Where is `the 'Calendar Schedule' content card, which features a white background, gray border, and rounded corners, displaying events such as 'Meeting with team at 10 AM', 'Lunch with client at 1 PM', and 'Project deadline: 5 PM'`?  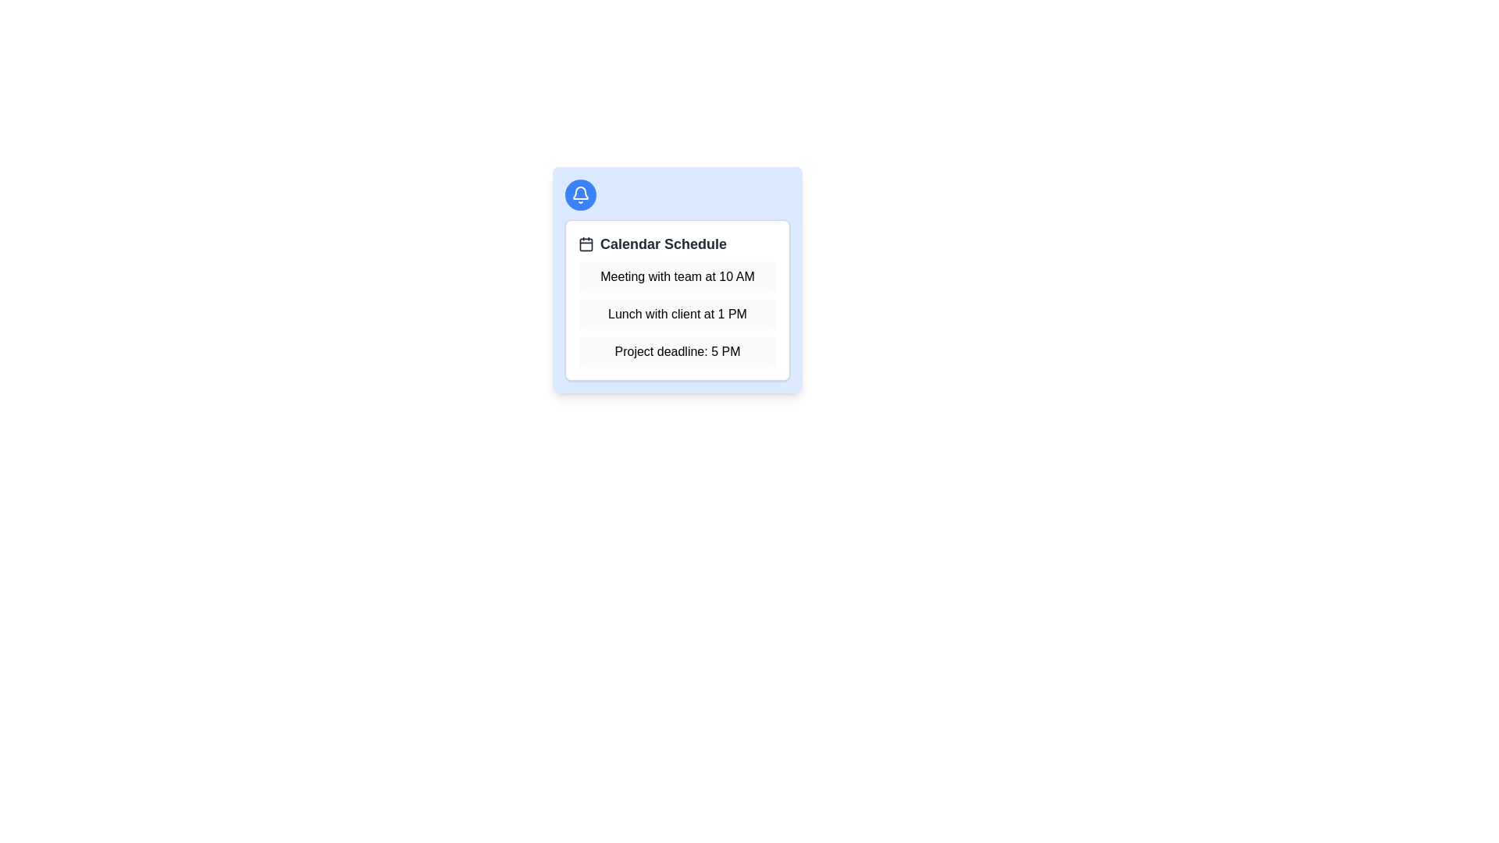 the 'Calendar Schedule' content card, which features a white background, gray border, and rounded corners, displaying events such as 'Meeting with team at 10 AM', 'Lunch with client at 1 PM', and 'Project deadline: 5 PM' is located at coordinates (678, 301).